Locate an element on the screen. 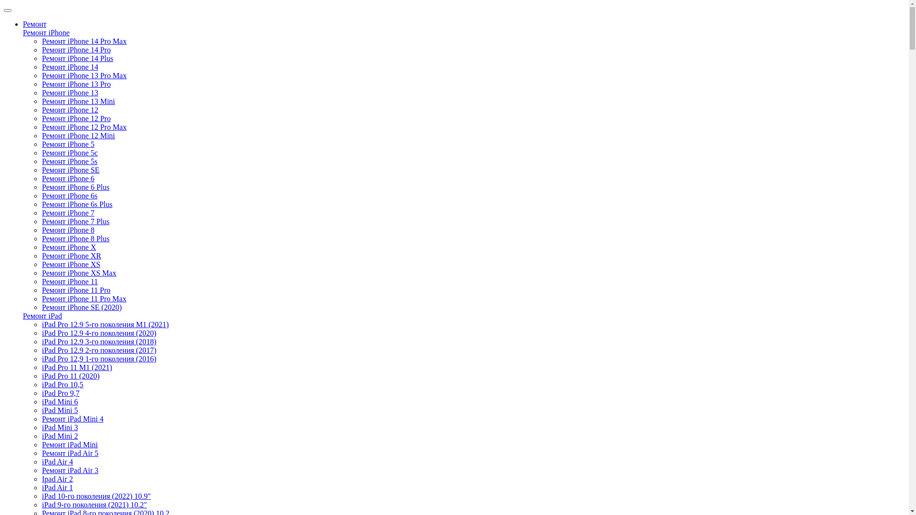 Image resolution: width=916 pixels, height=515 pixels. 'iPad Mini 5' is located at coordinates (59, 410).